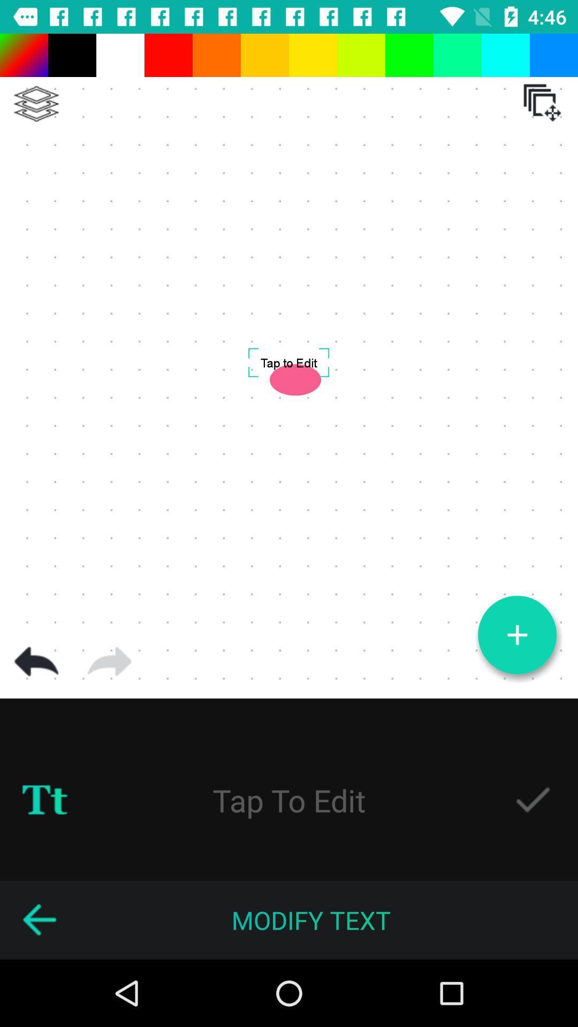 The width and height of the screenshot is (578, 1027). Describe the element at coordinates (533, 800) in the screenshot. I see `right button on bottom of the page` at that location.